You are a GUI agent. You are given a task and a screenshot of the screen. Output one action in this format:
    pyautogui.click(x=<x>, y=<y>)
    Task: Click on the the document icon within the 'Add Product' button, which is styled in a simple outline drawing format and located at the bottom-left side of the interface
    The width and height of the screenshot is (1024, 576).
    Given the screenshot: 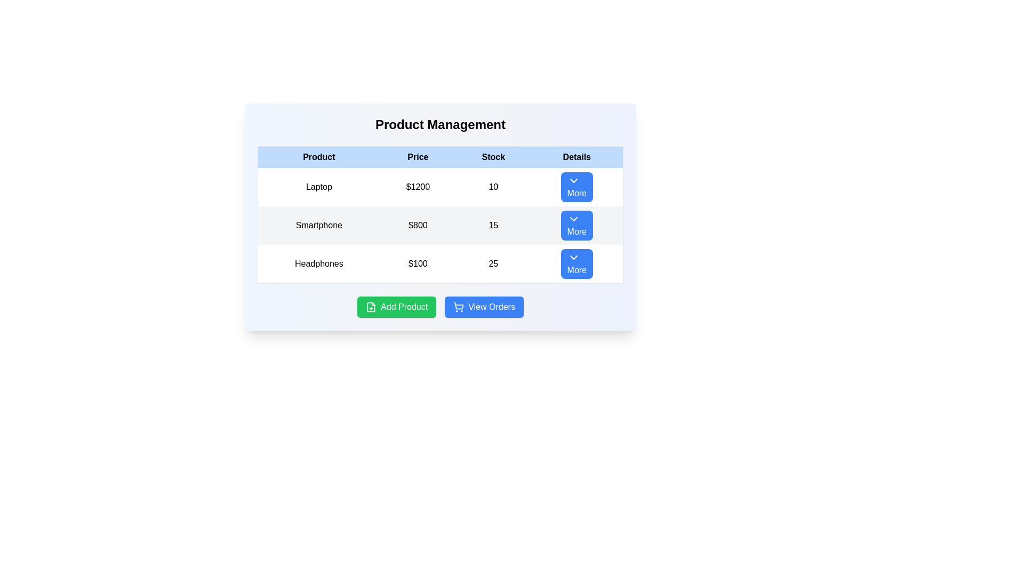 What is the action you would take?
    pyautogui.click(x=371, y=307)
    